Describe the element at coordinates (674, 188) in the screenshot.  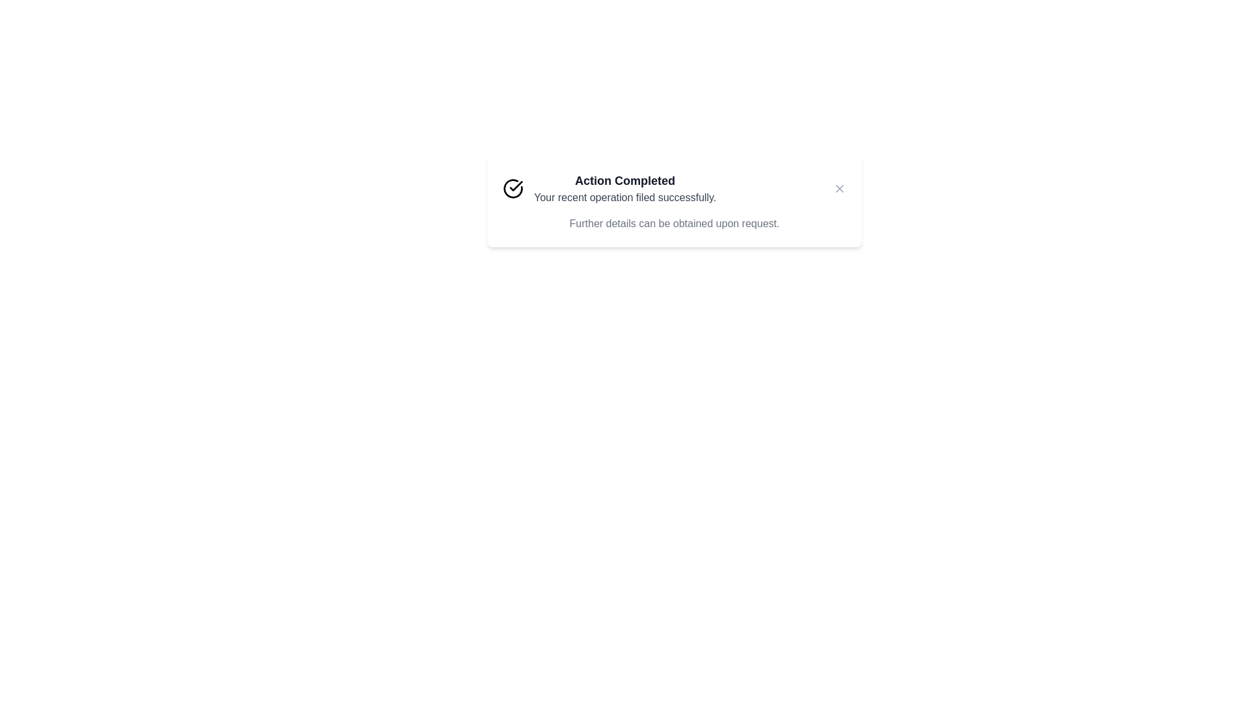
I see `the Notification bar that displays a green checkmark icon, the text 'Action Completed', and includes a close button (X) on the right side` at that location.